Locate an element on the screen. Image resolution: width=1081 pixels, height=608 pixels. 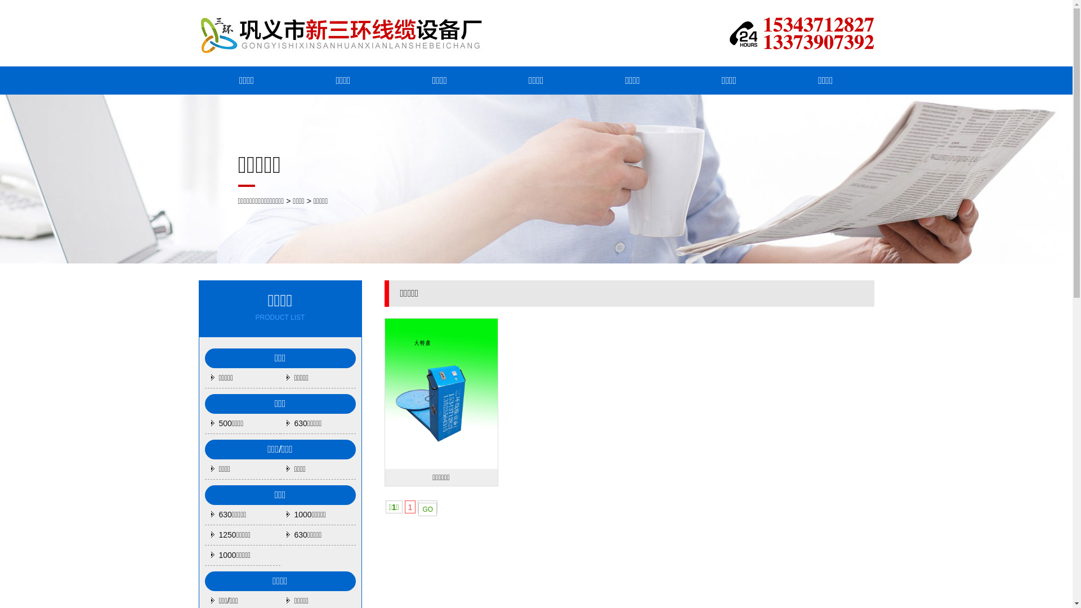
'GO' is located at coordinates (427, 509).